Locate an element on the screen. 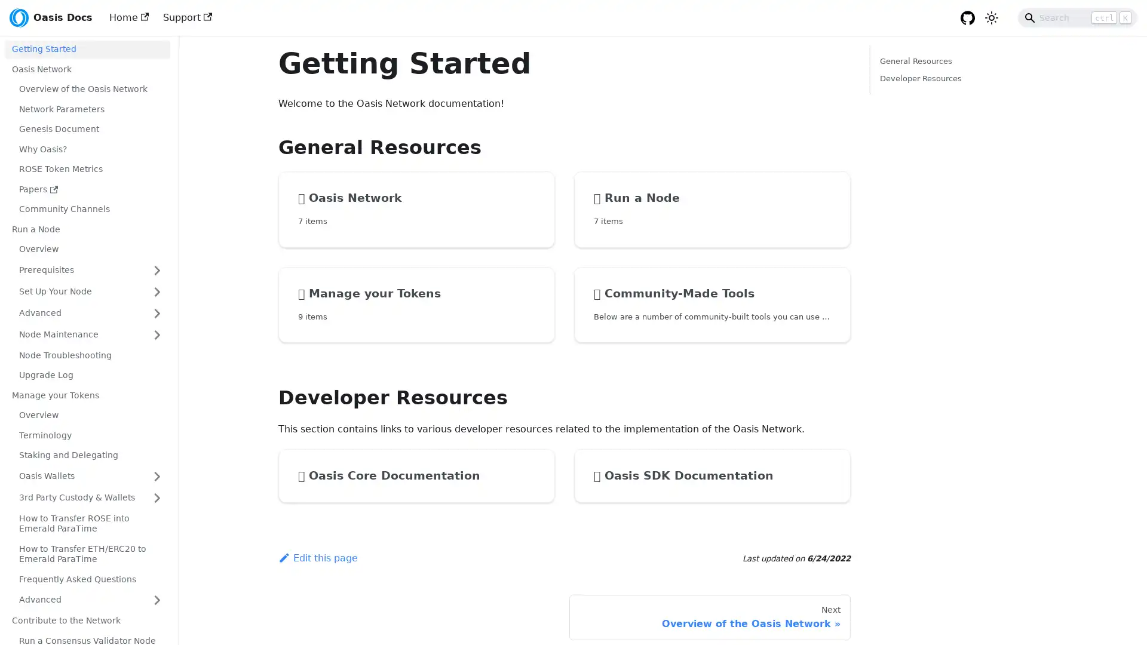 This screenshot has height=645, width=1147. Toggle the collapsible sidebar category 'Prerequisites' is located at coordinates (157, 269).